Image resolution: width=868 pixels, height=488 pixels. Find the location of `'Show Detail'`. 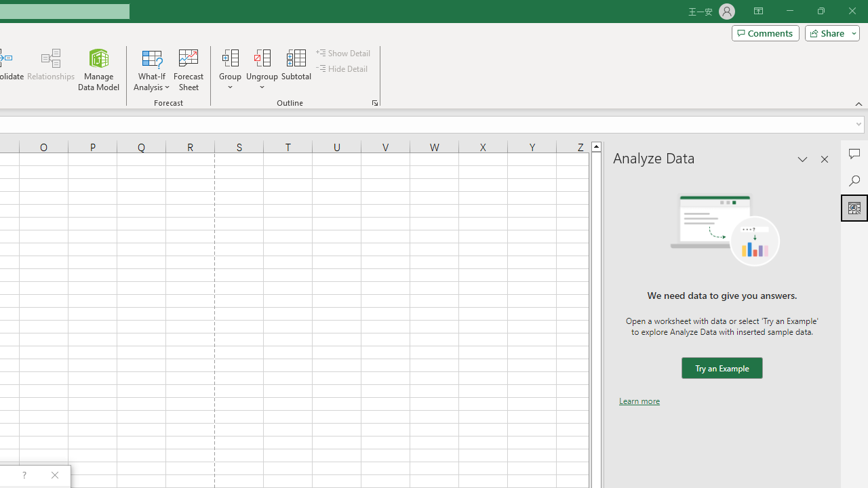

'Show Detail' is located at coordinates (344, 52).